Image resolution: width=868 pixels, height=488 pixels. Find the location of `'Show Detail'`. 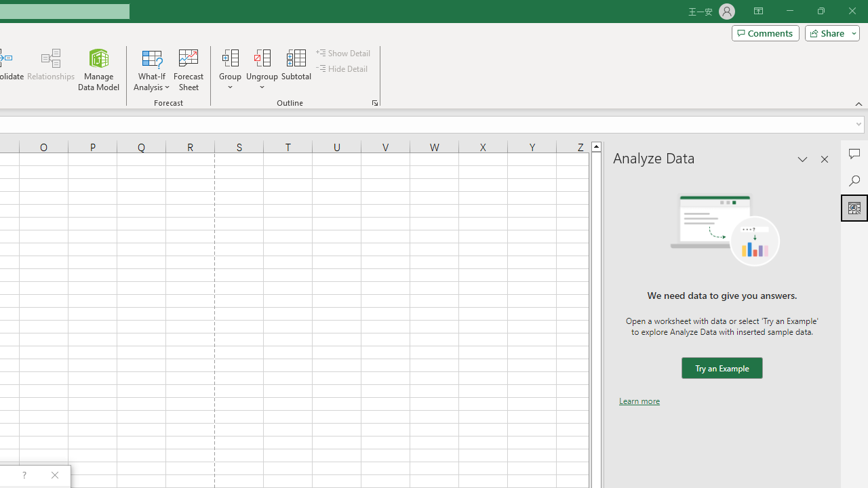

'Show Detail' is located at coordinates (344, 52).